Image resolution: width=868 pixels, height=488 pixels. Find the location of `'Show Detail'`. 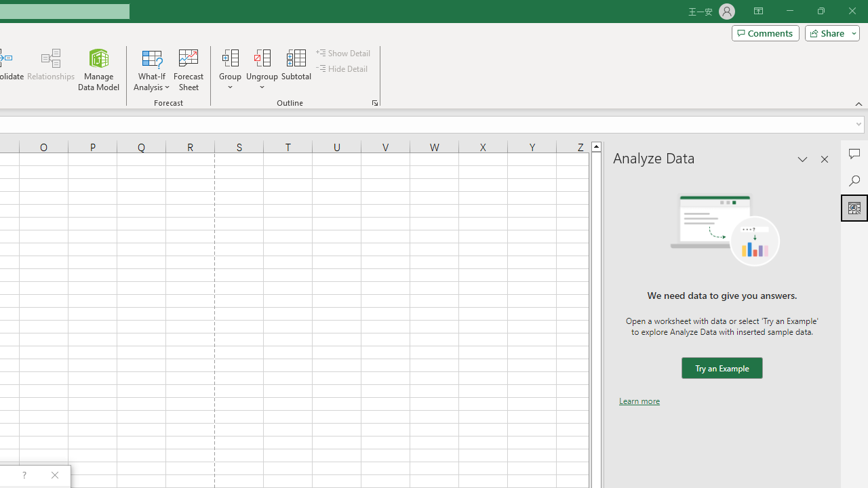

'Show Detail' is located at coordinates (344, 52).